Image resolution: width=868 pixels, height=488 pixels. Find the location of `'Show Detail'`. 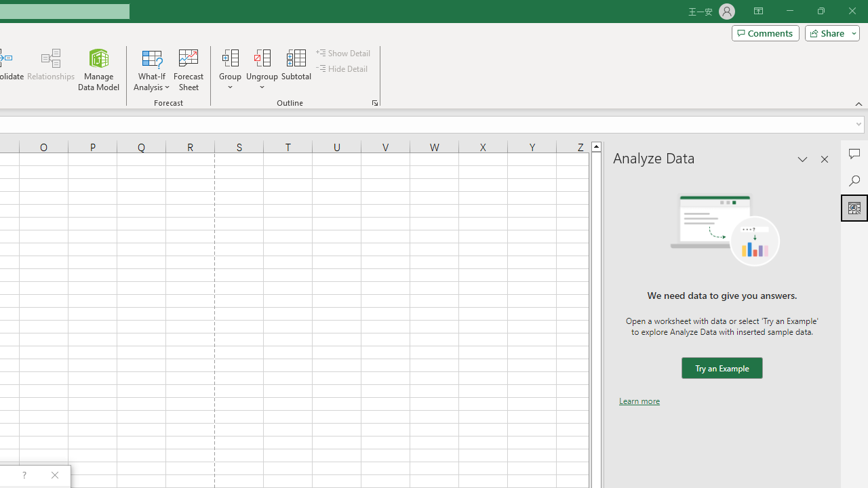

'Show Detail' is located at coordinates (344, 52).